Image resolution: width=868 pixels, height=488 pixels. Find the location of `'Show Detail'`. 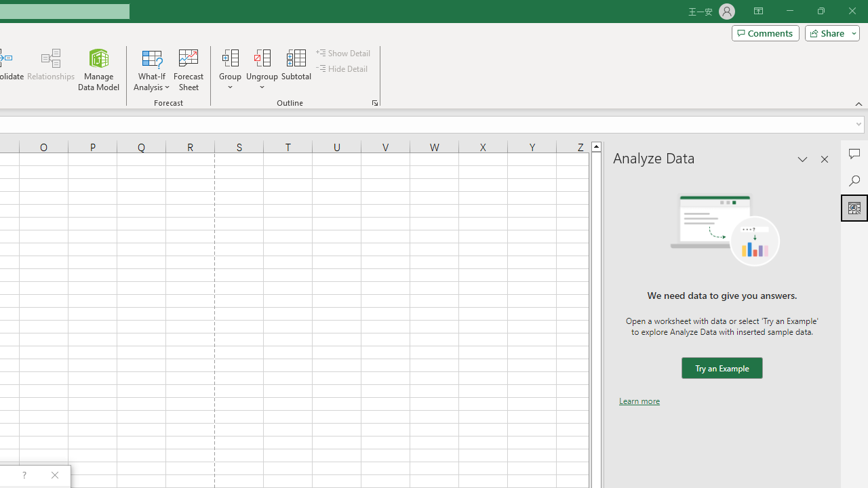

'Show Detail' is located at coordinates (344, 52).